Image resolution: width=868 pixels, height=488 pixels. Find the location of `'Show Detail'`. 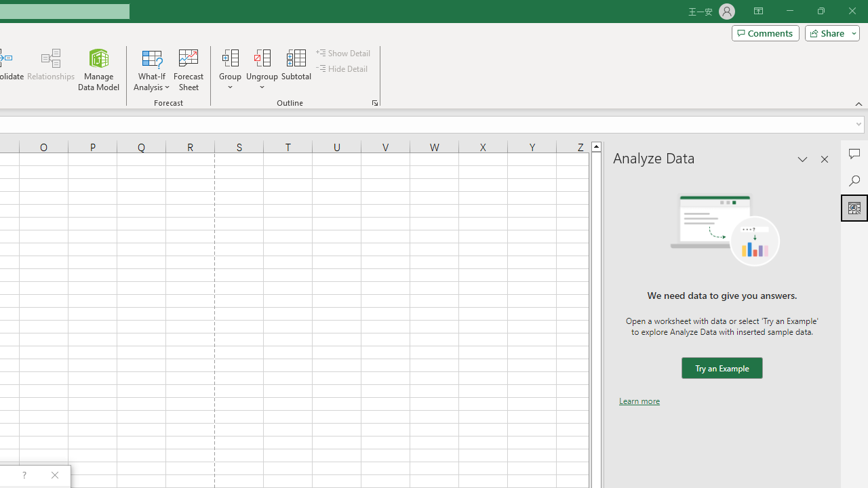

'Show Detail' is located at coordinates (344, 52).